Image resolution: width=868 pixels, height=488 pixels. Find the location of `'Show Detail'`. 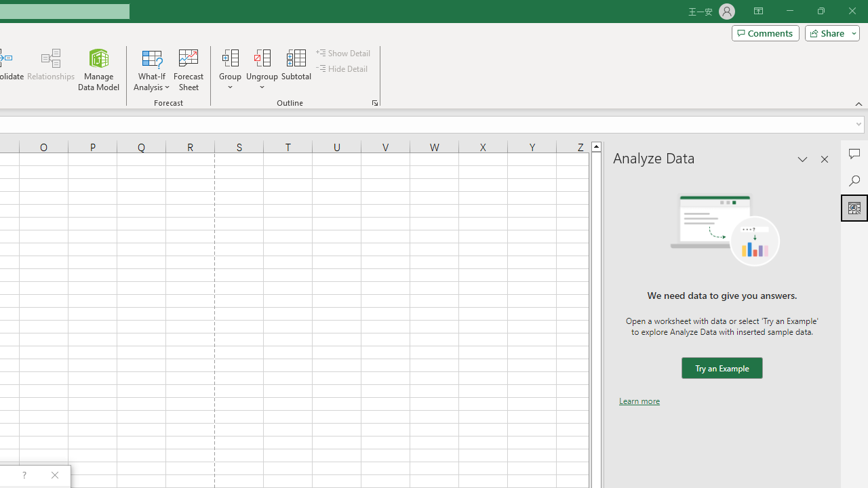

'Show Detail' is located at coordinates (344, 52).